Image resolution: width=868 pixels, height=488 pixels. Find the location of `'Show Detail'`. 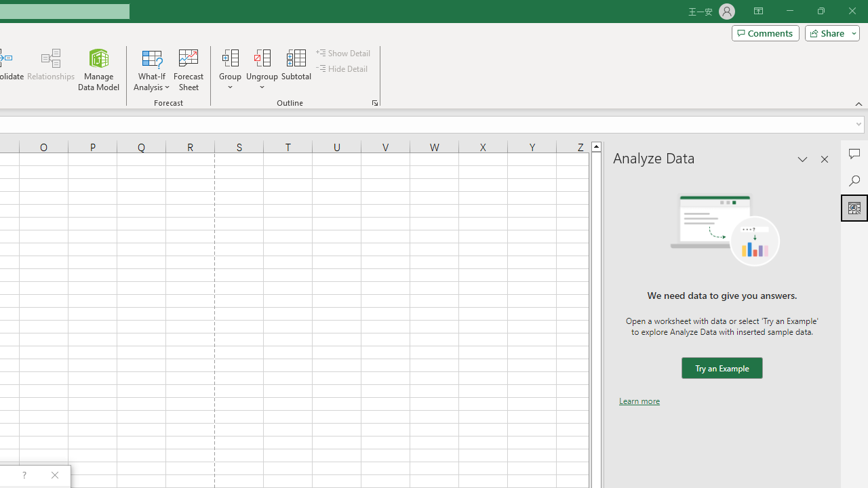

'Show Detail' is located at coordinates (344, 52).